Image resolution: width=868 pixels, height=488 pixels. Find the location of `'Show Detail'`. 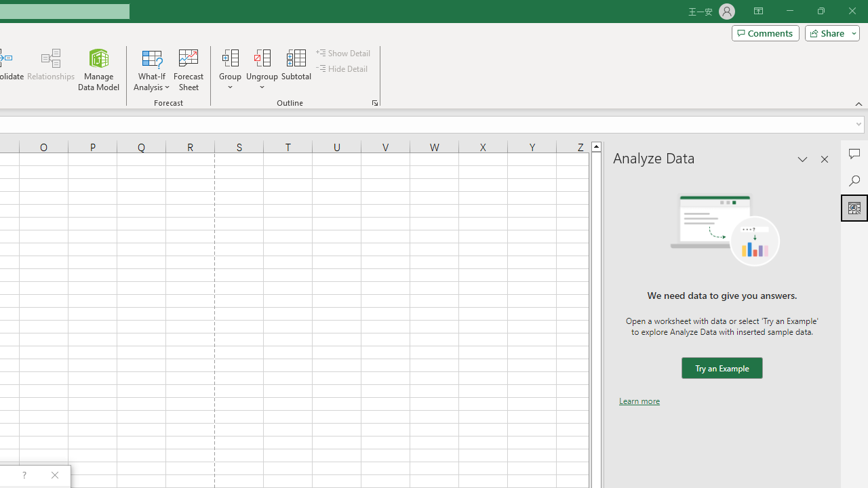

'Show Detail' is located at coordinates (344, 52).